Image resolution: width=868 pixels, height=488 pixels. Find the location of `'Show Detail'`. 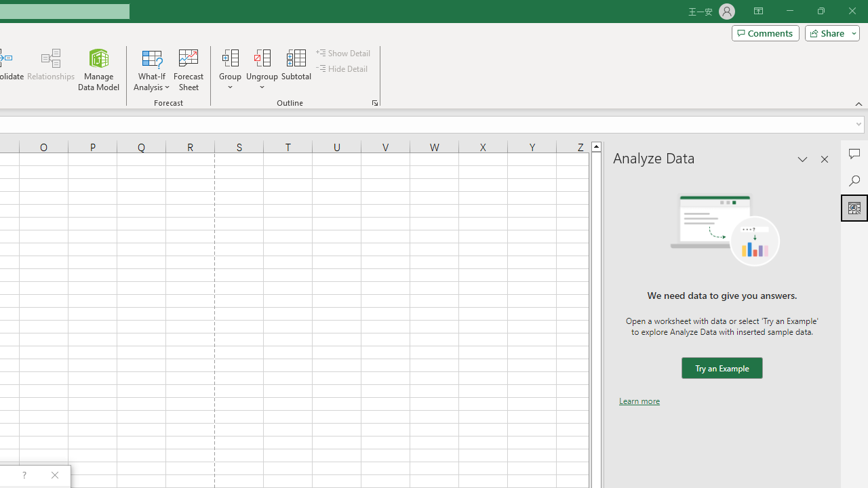

'Show Detail' is located at coordinates (344, 52).